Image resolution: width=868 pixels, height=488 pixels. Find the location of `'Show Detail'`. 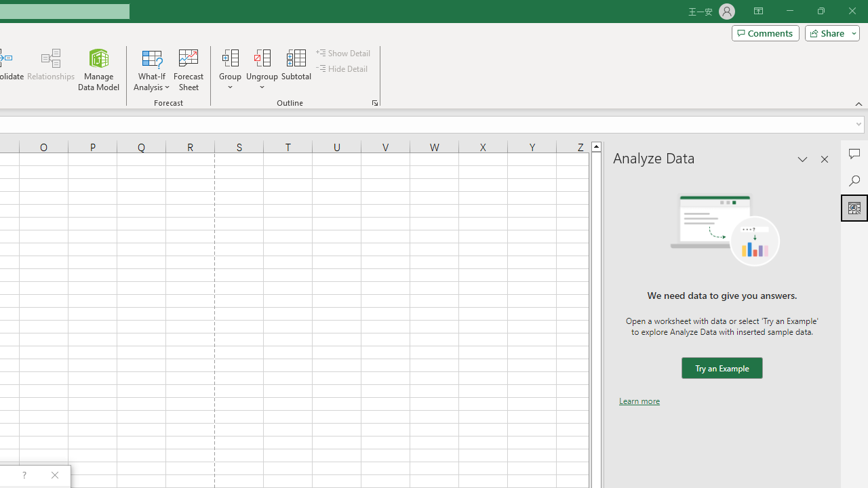

'Show Detail' is located at coordinates (344, 52).